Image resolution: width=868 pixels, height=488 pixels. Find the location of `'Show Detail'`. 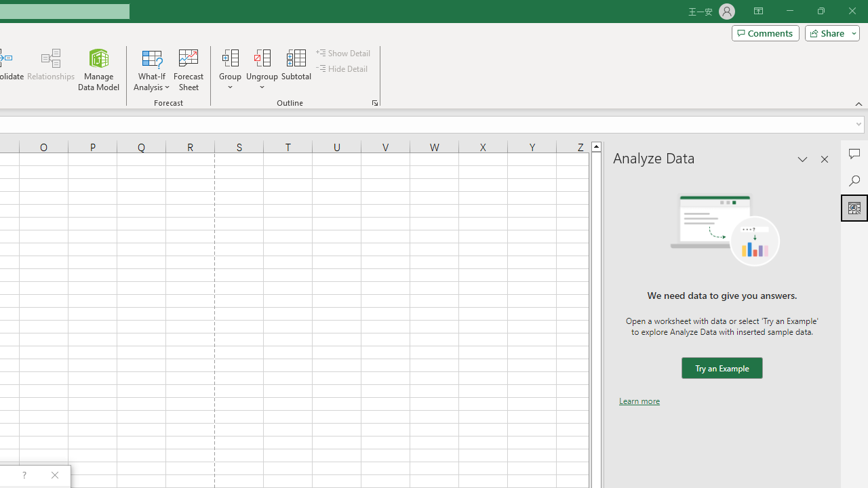

'Show Detail' is located at coordinates (344, 52).